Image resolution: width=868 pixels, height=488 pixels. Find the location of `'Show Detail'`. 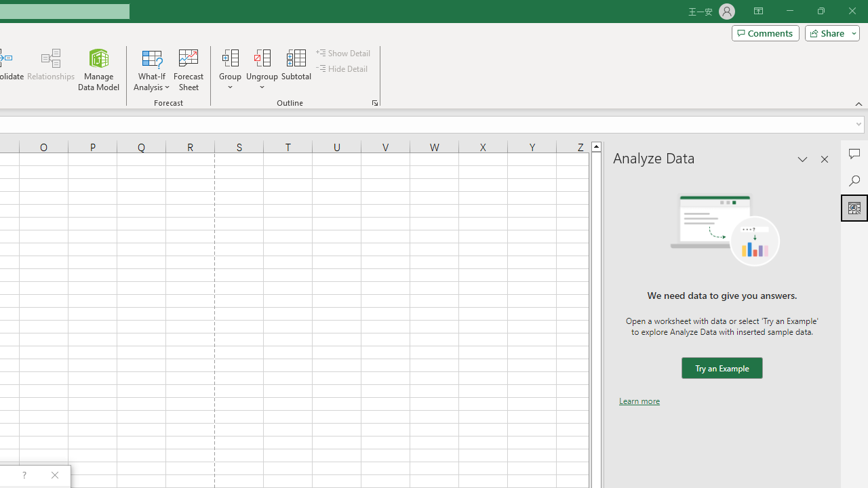

'Show Detail' is located at coordinates (344, 52).